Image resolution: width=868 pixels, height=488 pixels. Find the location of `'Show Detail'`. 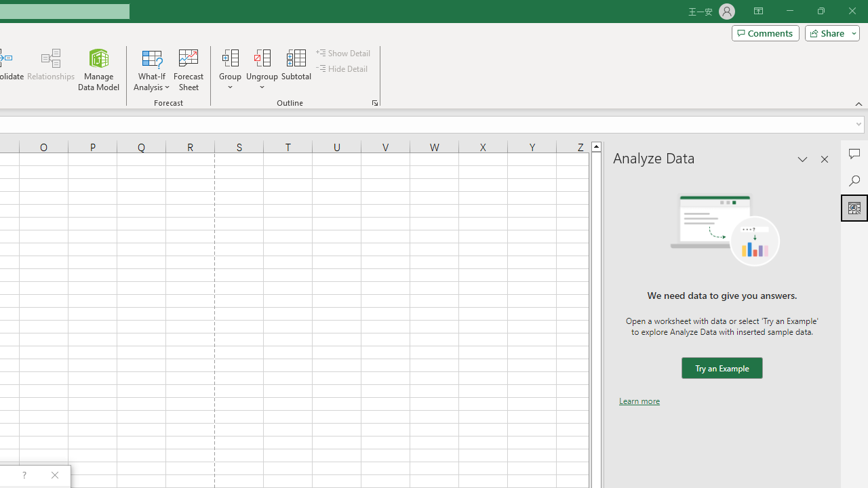

'Show Detail' is located at coordinates (344, 52).